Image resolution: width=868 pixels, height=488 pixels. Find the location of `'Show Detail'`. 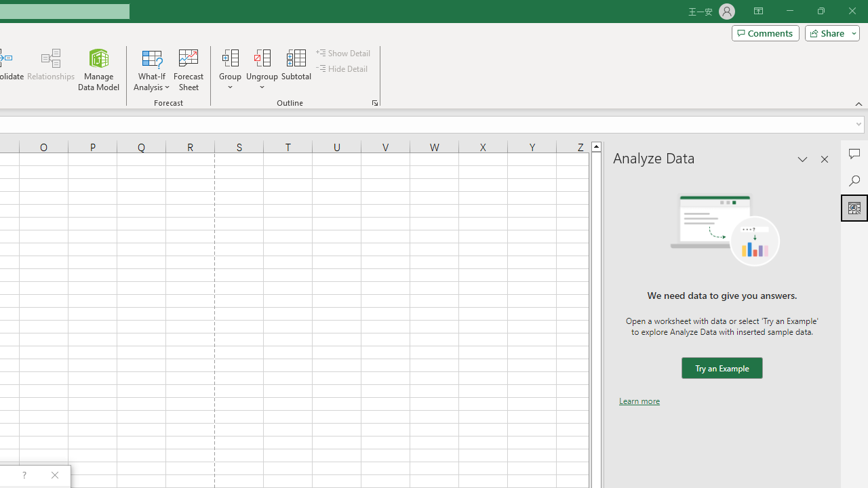

'Show Detail' is located at coordinates (344, 52).